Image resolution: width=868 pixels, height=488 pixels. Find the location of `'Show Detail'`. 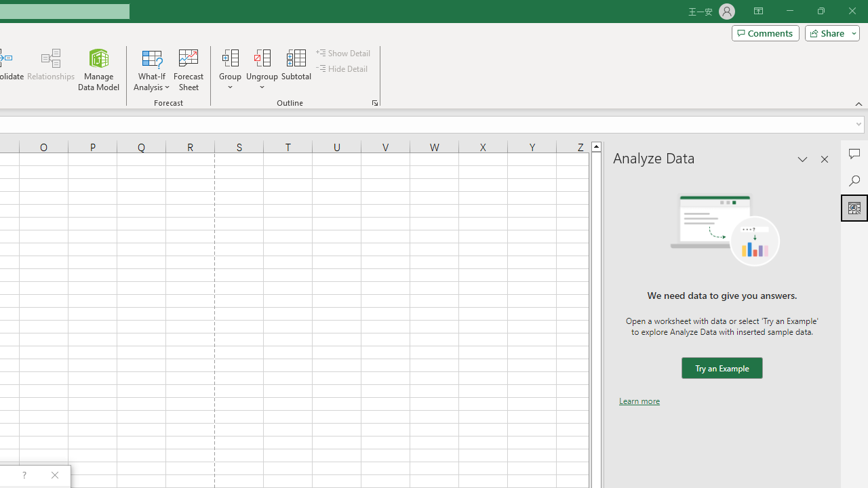

'Show Detail' is located at coordinates (344, 52).